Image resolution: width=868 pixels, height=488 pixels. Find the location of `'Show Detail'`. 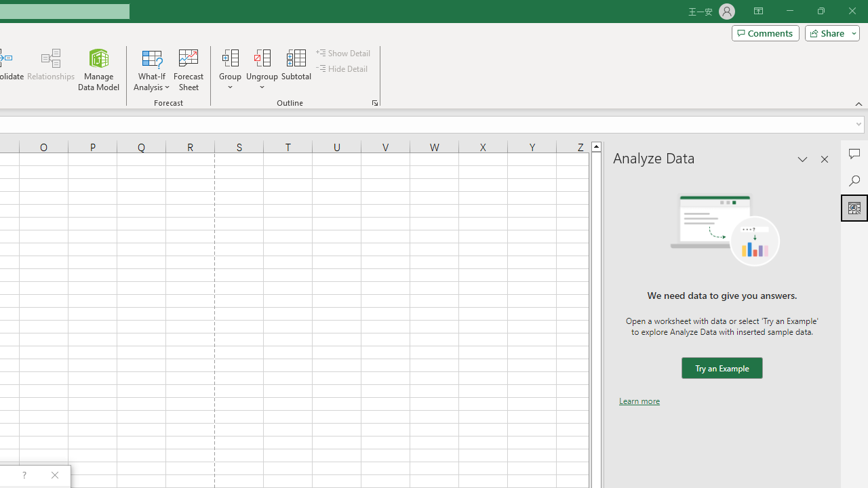

'Show Detail' is located at coordinates (344, 52).